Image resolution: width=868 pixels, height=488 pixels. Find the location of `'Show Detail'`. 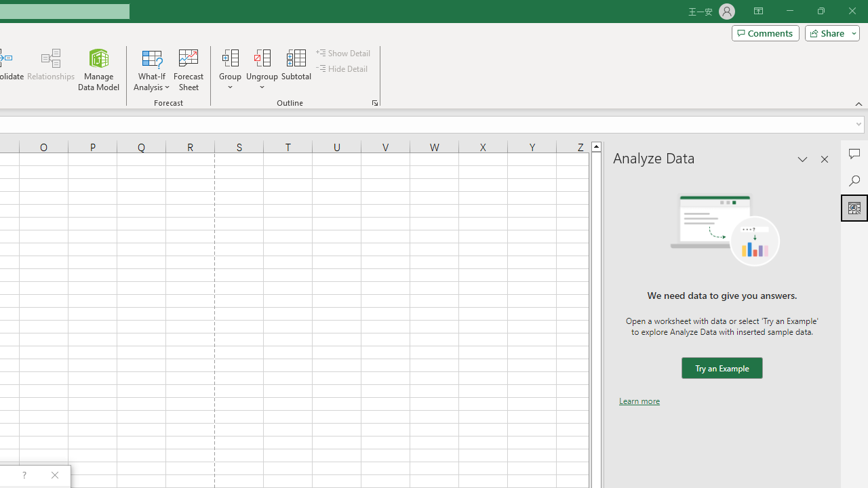

'Show Detail' is located at coordinates (344, 52).